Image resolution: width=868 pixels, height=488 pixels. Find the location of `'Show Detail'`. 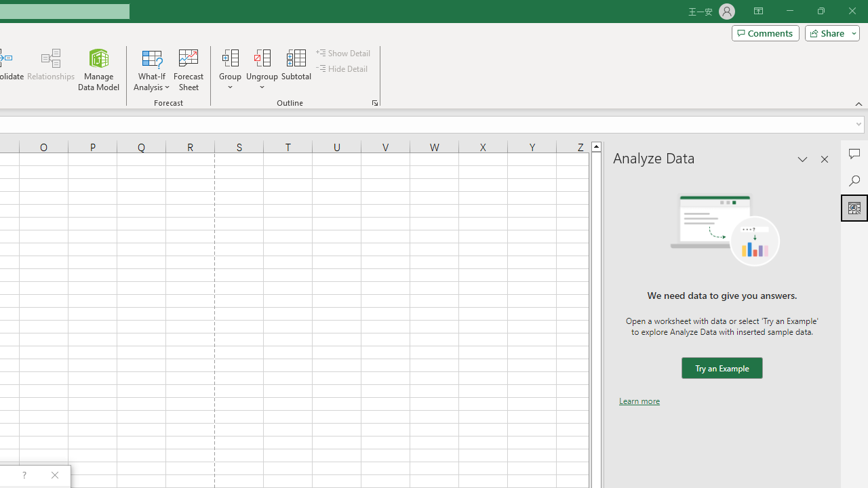

'Show Detail' is located at coordinates (344, 52).